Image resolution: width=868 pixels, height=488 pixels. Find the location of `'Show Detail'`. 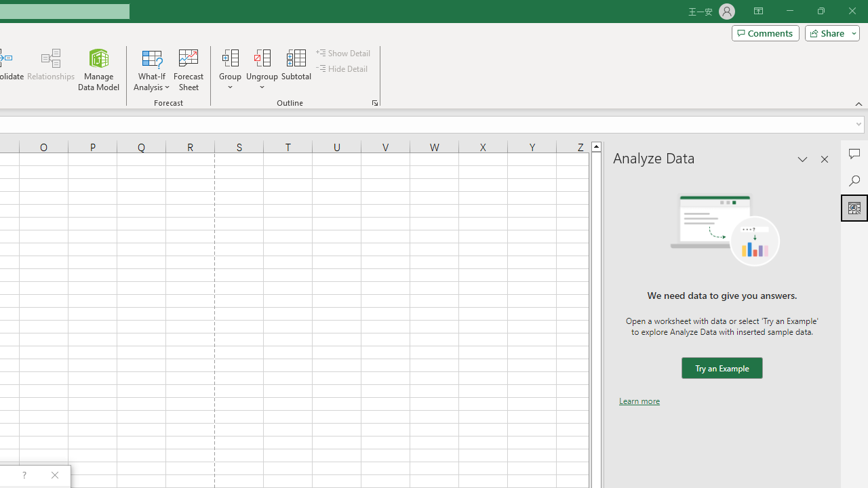

'Show Detail' is located at coordinates (344, 52).